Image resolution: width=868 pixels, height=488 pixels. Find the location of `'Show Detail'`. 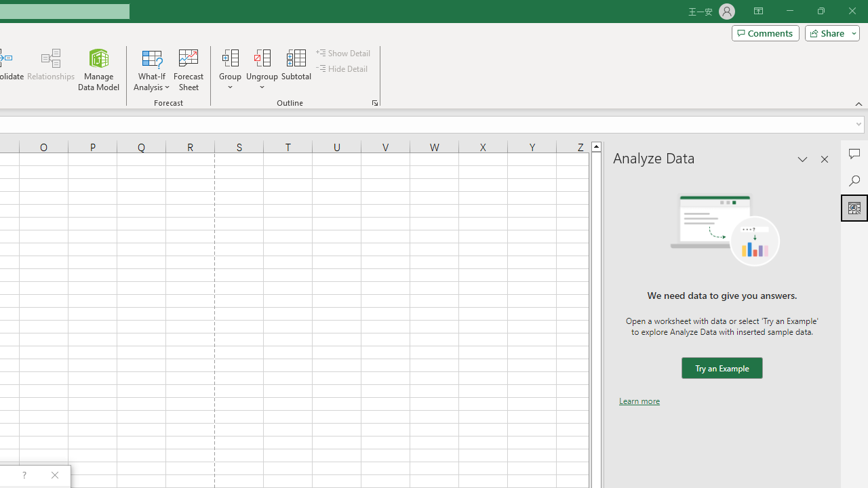

'Show Detail' is located at coordinates (344, 52).